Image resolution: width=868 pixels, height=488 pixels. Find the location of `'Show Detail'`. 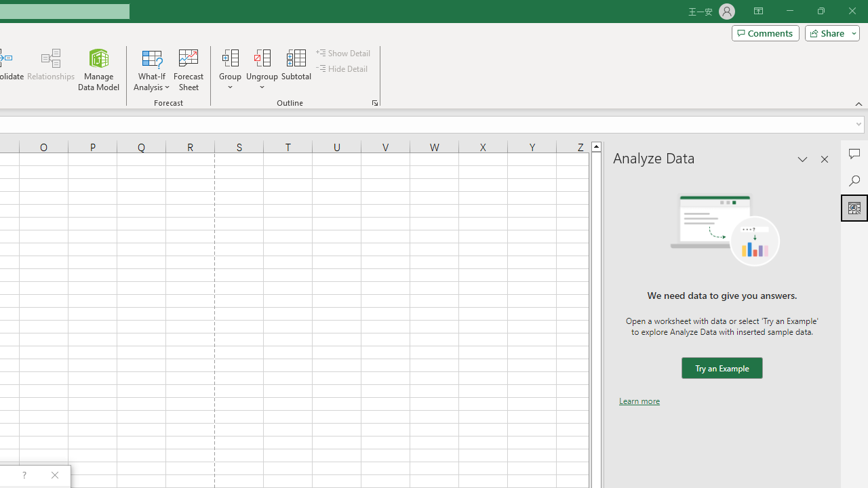

'Show Detail' is located at coordinates (344, 52).